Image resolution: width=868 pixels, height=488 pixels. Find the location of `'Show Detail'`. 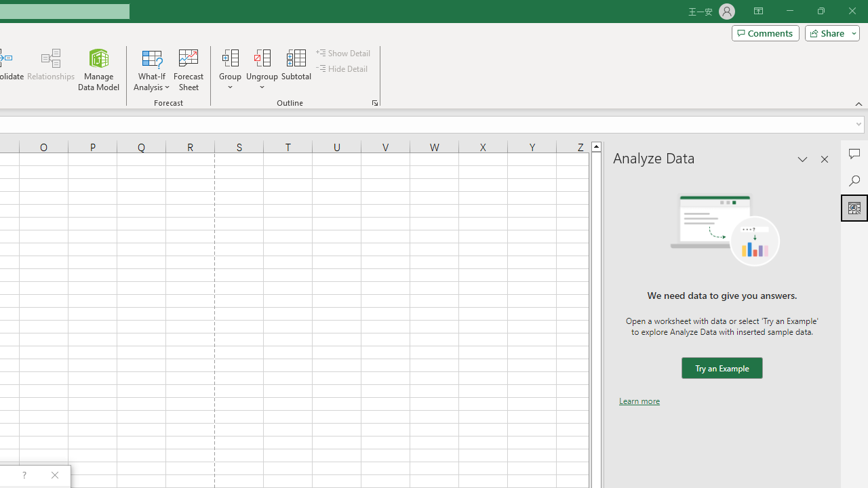

'Show Detail' is located at coordinates (344, 52).